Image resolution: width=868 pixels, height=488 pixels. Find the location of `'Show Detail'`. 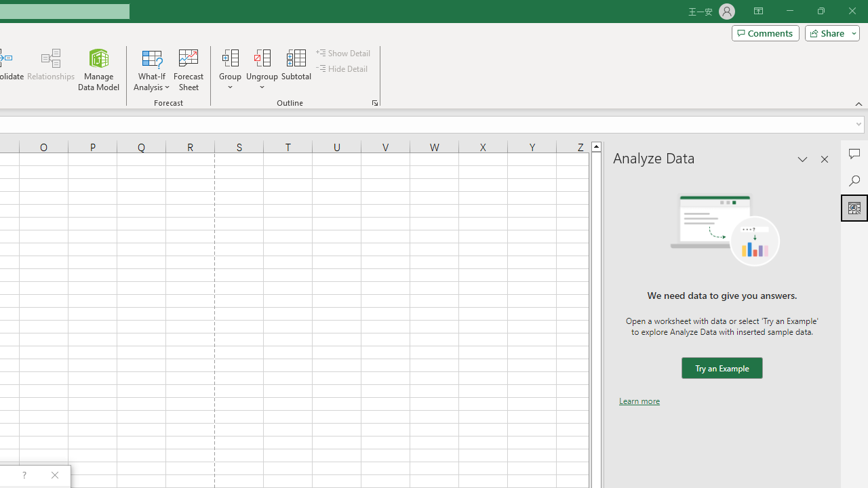

'Show Detail' is located at coordinates (344, 52).